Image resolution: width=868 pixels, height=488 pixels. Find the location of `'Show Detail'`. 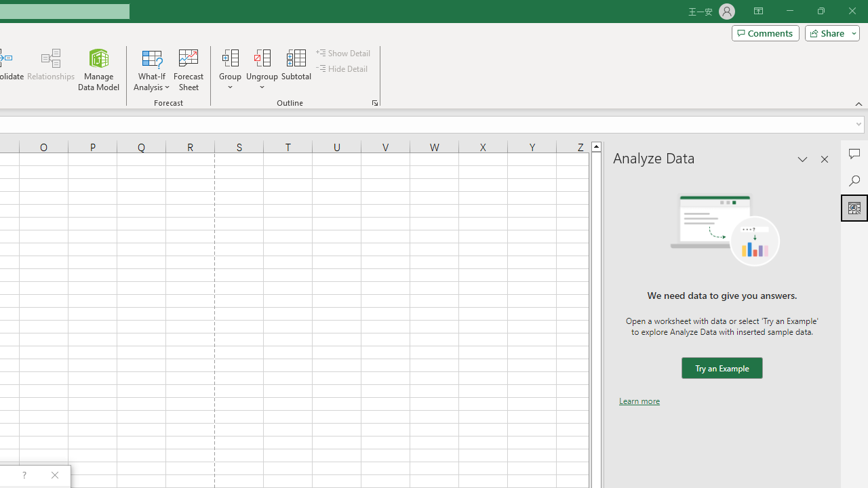

'Show Detail' is located at coordinates (344, 52).